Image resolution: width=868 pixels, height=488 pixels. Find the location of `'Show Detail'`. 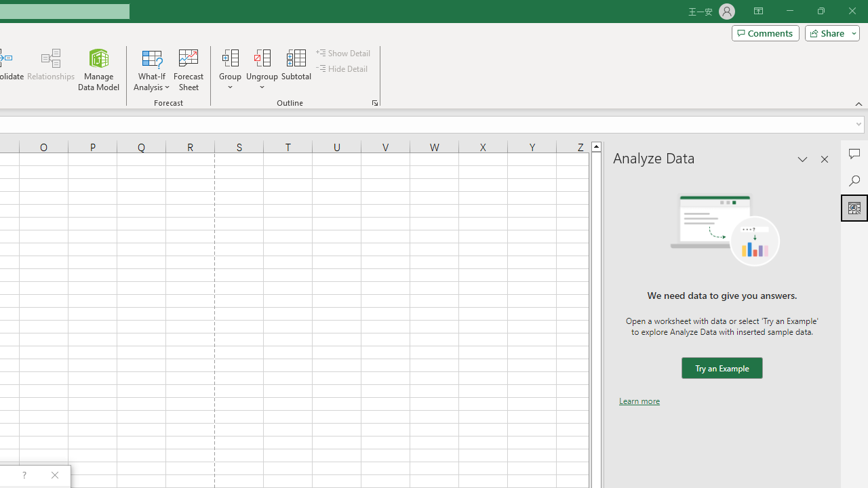

'Show Detail' is located at coordinates (344, 52).